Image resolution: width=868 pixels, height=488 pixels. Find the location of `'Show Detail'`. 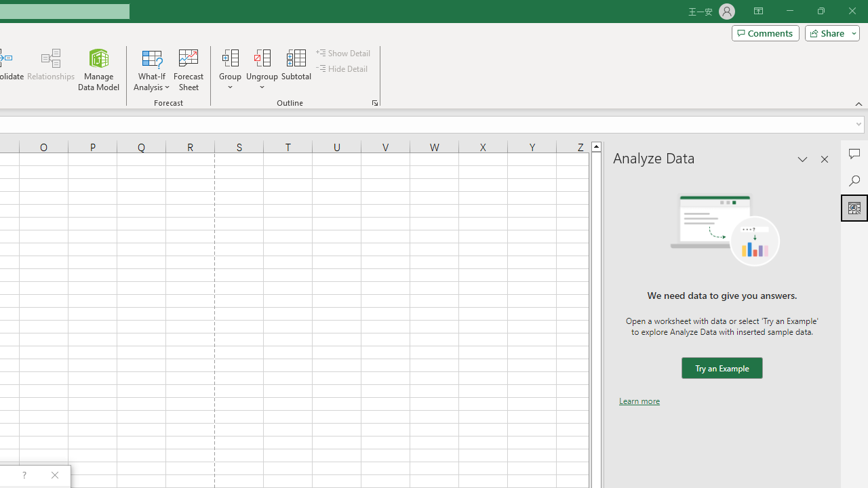

'Show Detail' is located at coordinates (344, 52).